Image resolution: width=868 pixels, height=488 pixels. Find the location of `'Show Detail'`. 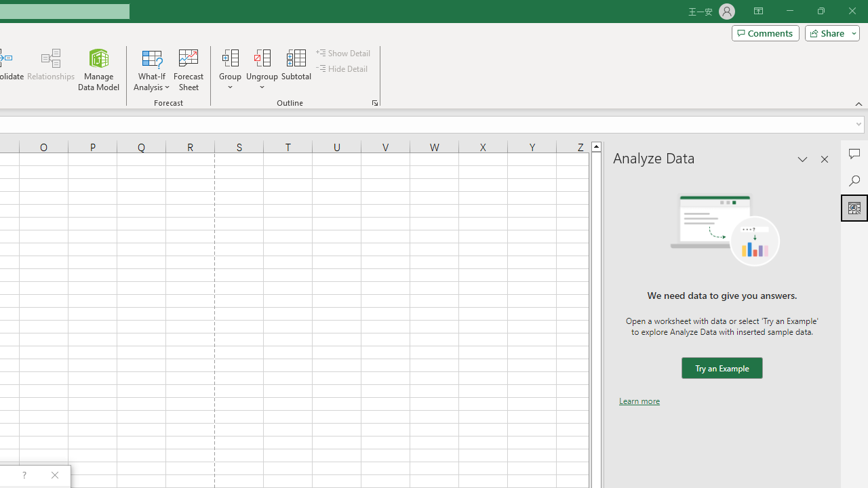

'Show Detail' is located at coordinates (344, 52).